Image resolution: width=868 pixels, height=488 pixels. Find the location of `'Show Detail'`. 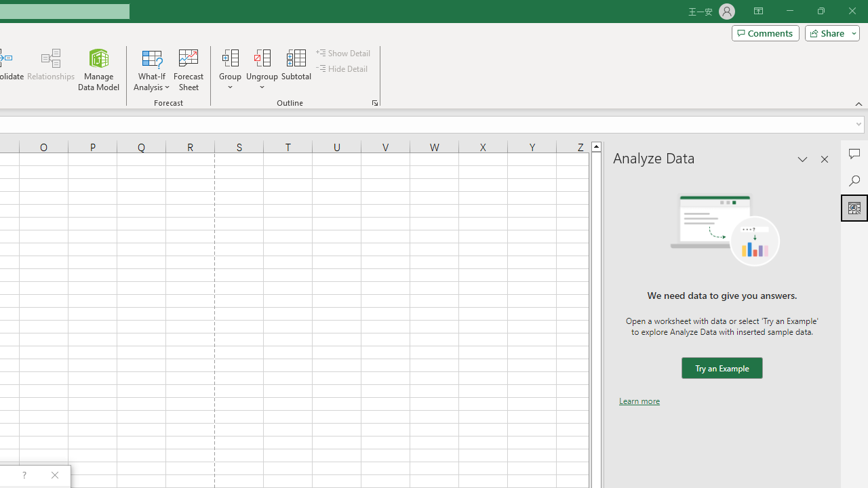

'Show Detail' is located at coordinates (344, 52).